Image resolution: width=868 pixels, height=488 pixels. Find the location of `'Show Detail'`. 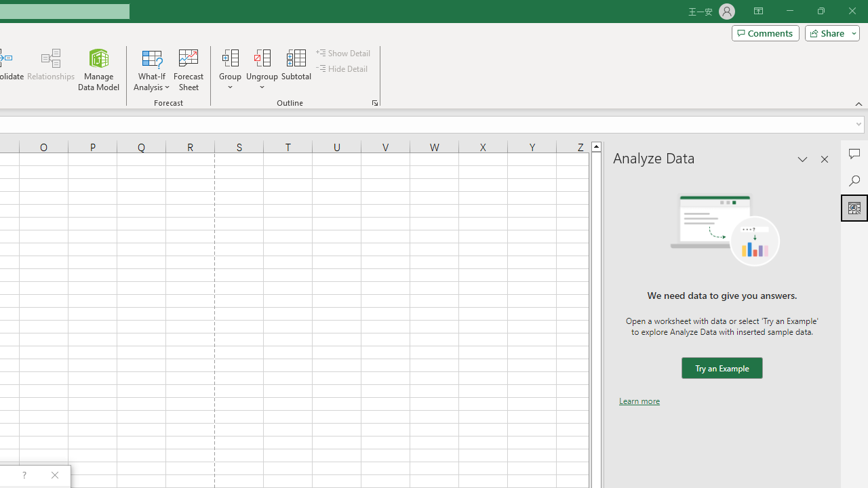

'Show Detail' is located at coordinates (344, 52).